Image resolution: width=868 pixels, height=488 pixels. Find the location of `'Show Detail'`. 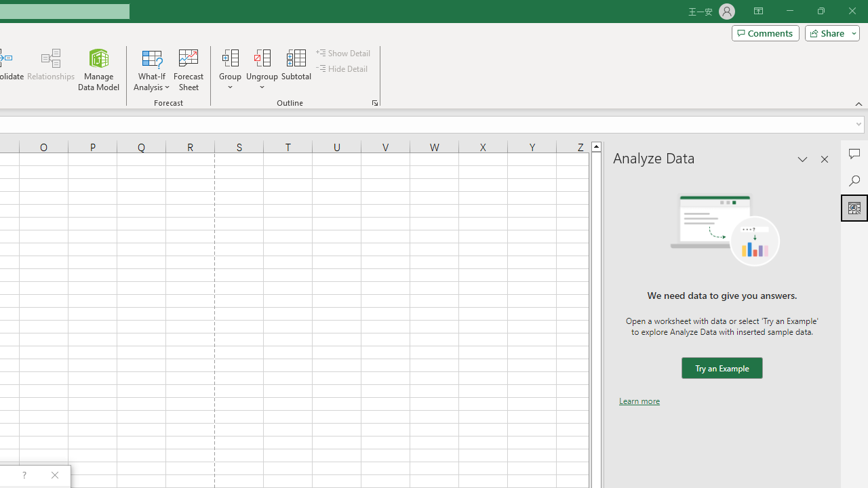

'Show Detail' is located at coordinates (344, 52).